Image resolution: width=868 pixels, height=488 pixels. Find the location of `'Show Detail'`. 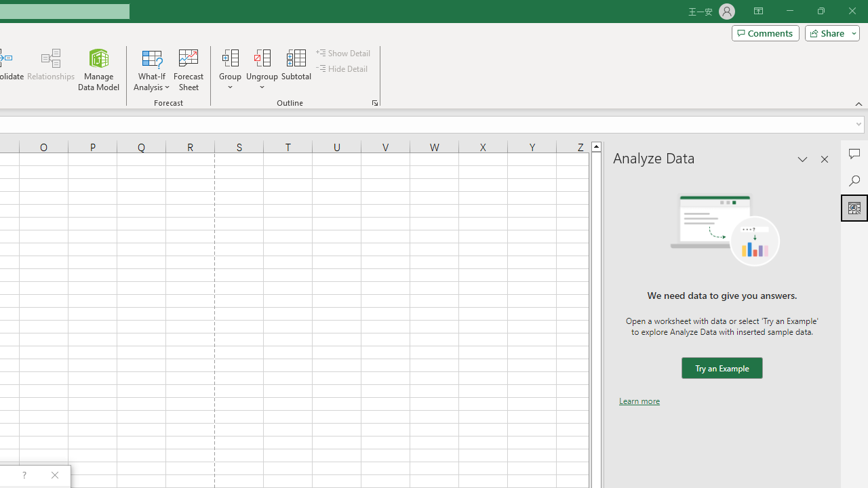

'Show Detail' is located at coordinates (344, 52).